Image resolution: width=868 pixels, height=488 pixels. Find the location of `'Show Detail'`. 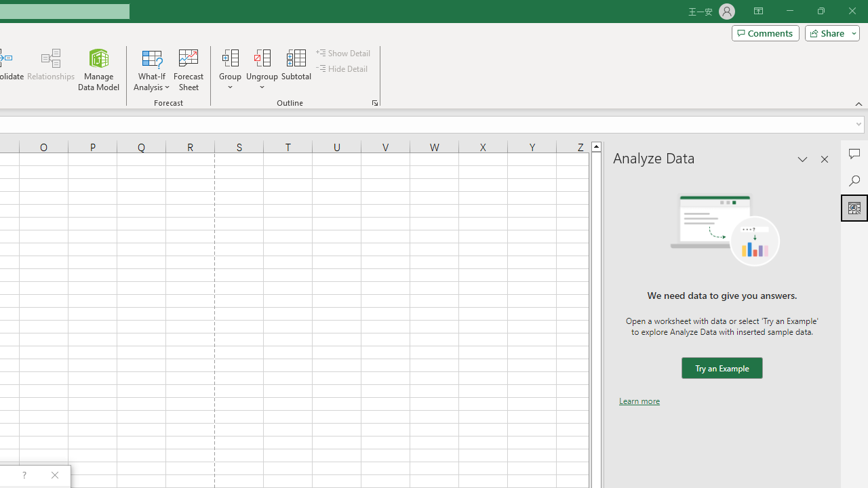

'Show Detail' is located at coordinates (344, 52).